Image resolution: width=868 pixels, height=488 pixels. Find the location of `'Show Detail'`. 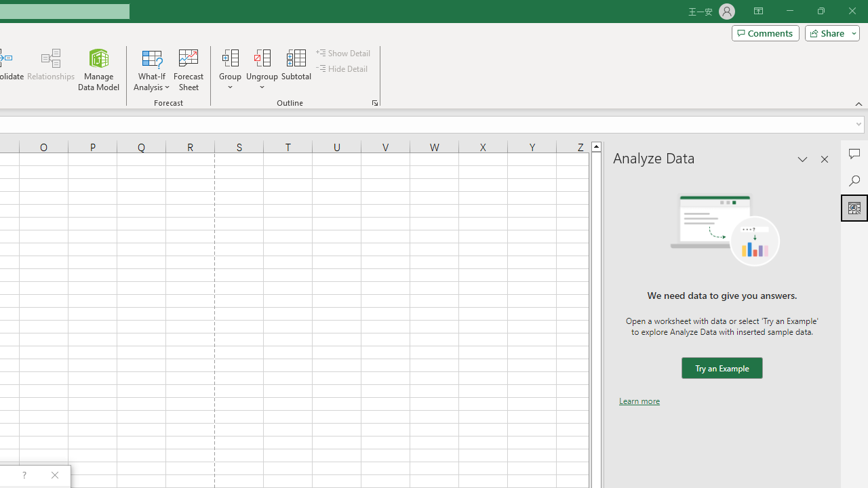

'Show Detail' is located at coordinates (344, 52).